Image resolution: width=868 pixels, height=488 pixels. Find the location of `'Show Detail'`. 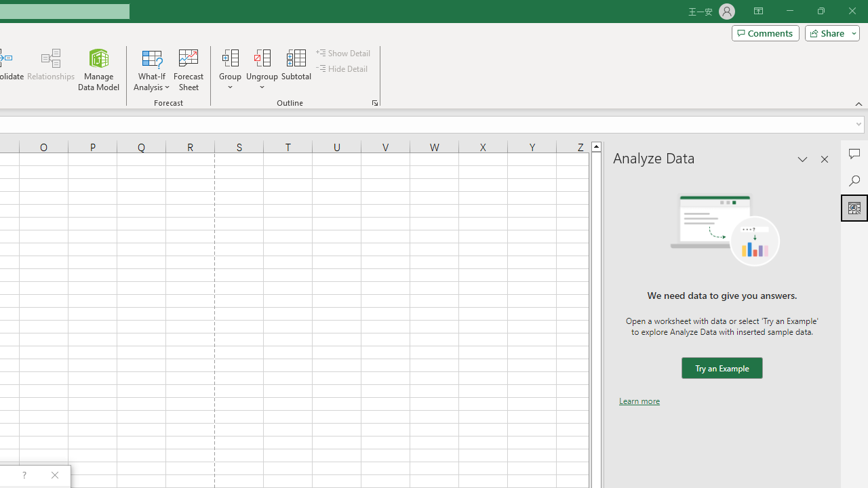

'Show Detail' is located at coordinates (344, 52).